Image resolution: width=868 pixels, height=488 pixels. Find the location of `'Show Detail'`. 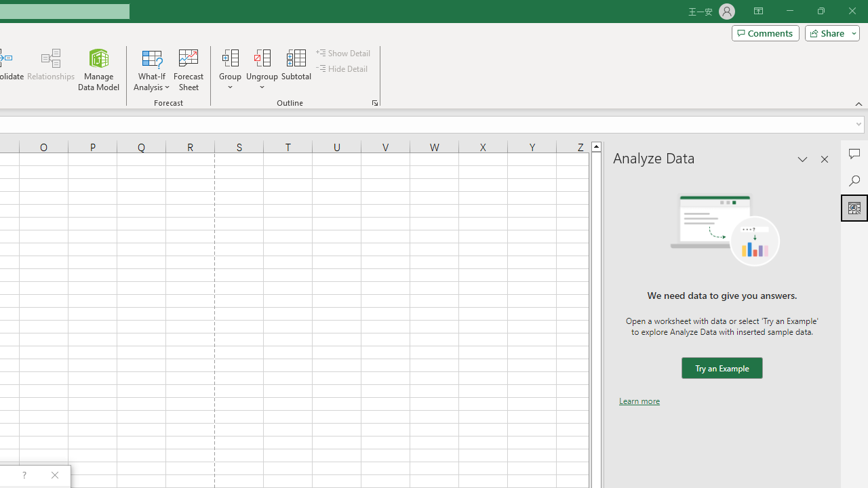

'Show Detail' is located at coordinates (344, 52).